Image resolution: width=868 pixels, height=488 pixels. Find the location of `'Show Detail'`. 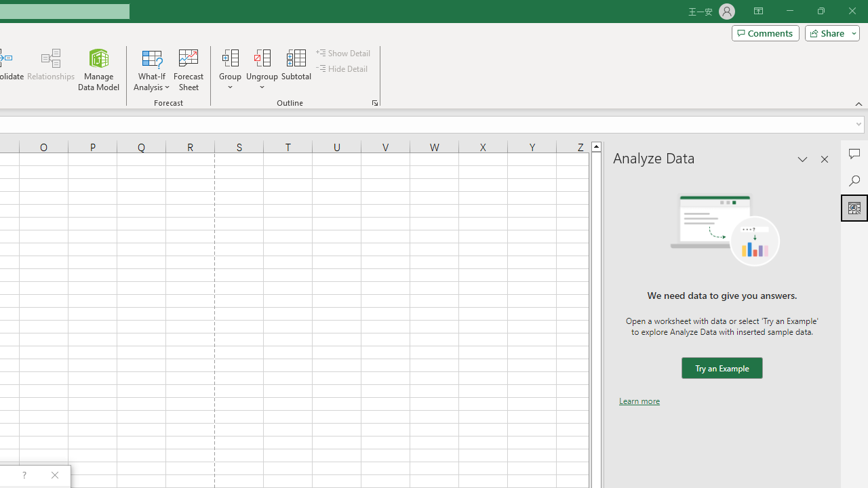

'Show Detail' is located at coordinates (344, 52).